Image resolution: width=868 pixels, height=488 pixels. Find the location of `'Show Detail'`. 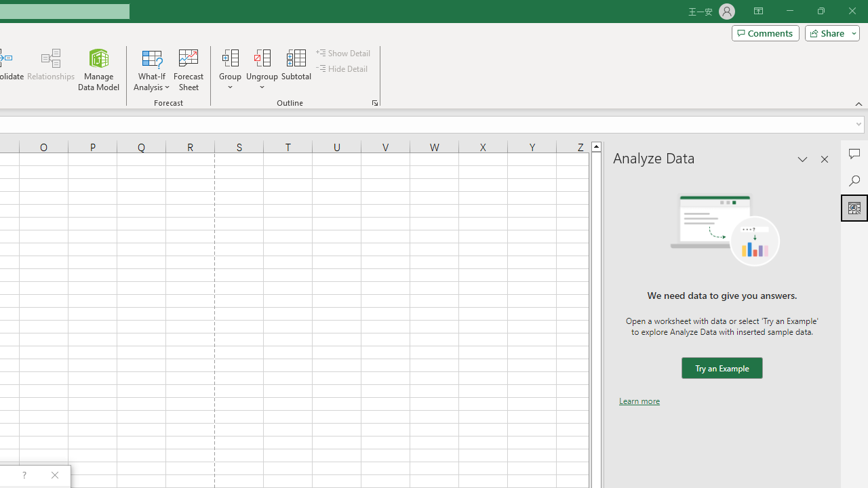

'Show Detail' is located at coordinates (344, 52).